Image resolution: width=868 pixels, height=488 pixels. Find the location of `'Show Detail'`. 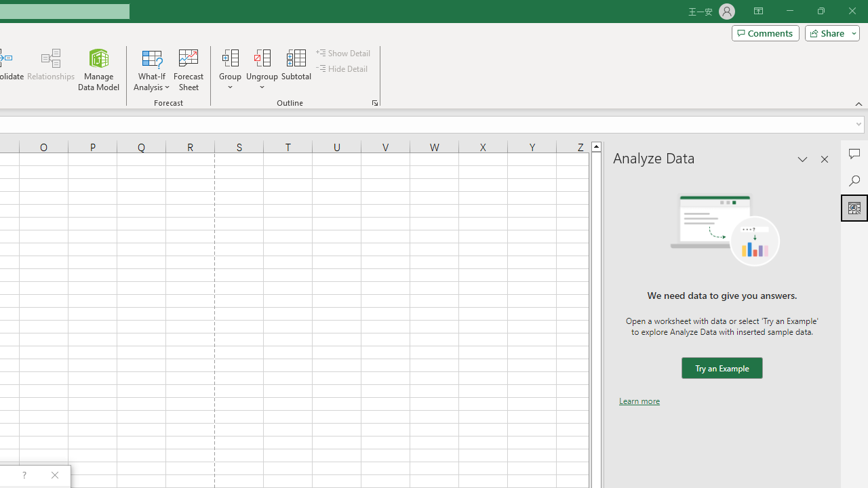

'Show Detail' is located at coordinates (344, 52).